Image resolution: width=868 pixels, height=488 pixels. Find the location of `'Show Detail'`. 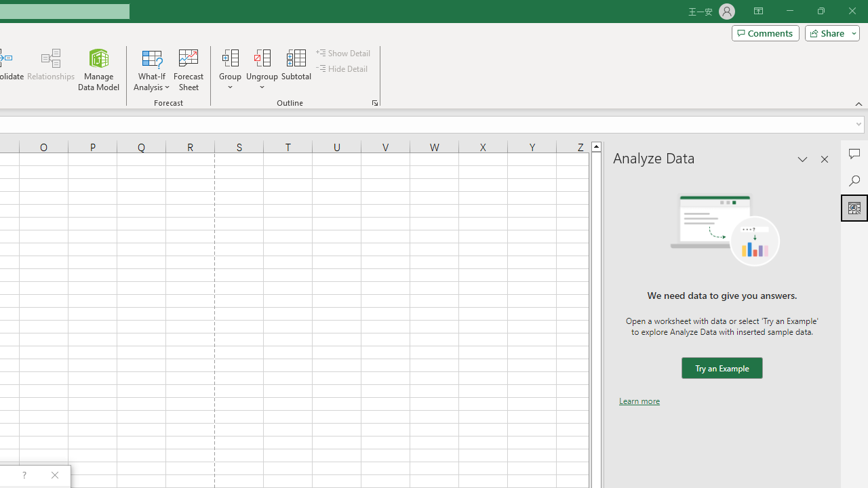

'Show Detail' is located at coordinates (344, 52).